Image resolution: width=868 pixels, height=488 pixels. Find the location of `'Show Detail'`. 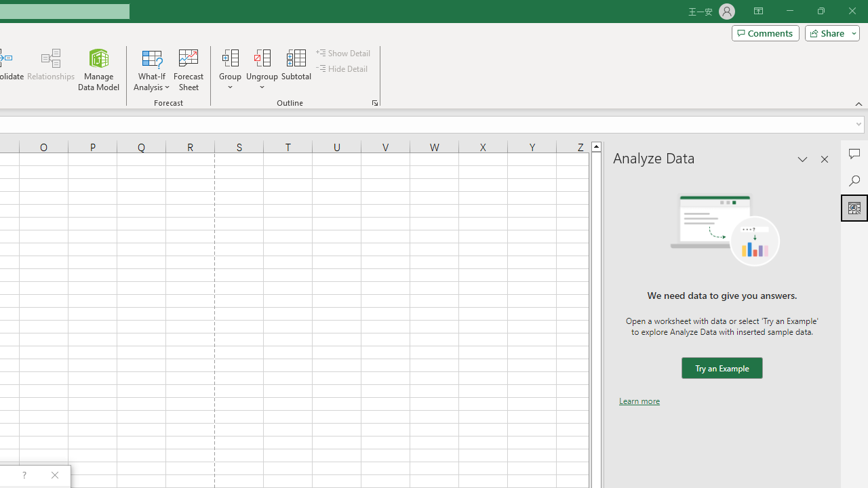

'Show Detail' is located at coordinates (344, 52).